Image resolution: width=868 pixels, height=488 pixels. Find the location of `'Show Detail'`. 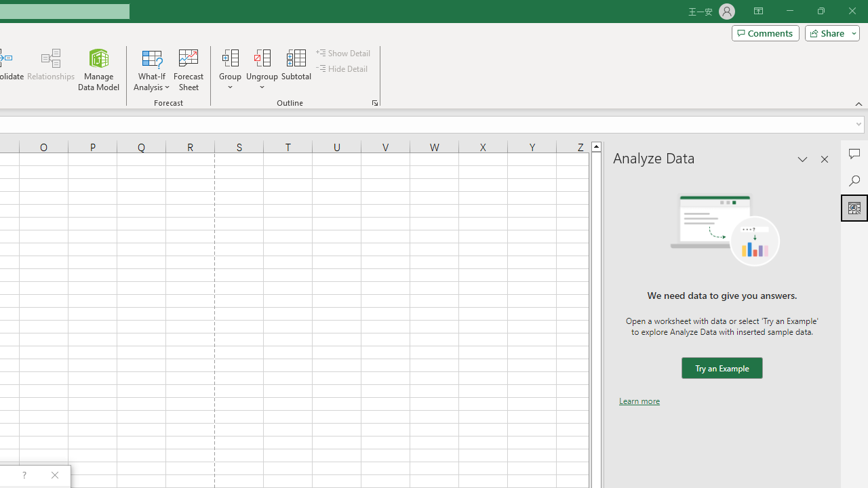

'Show Detail' is located at coordinates (344, 52).